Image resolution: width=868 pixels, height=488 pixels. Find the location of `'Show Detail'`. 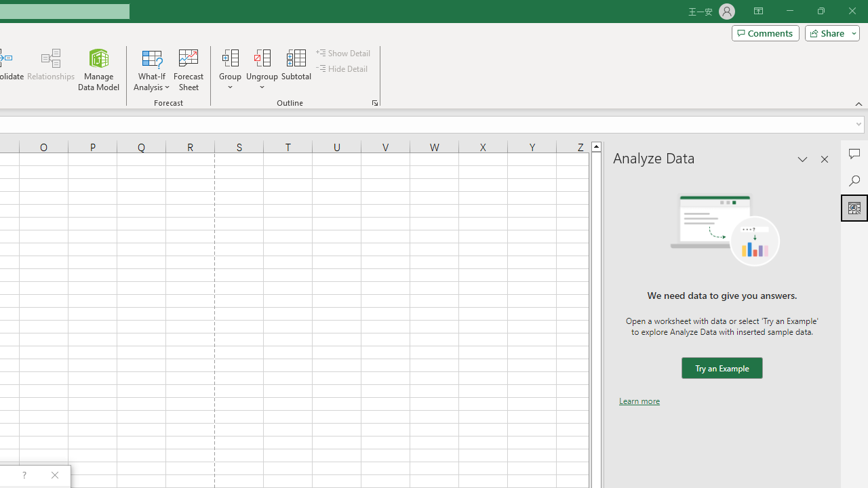

'Show Detail' is located at coordinates (344, 52).